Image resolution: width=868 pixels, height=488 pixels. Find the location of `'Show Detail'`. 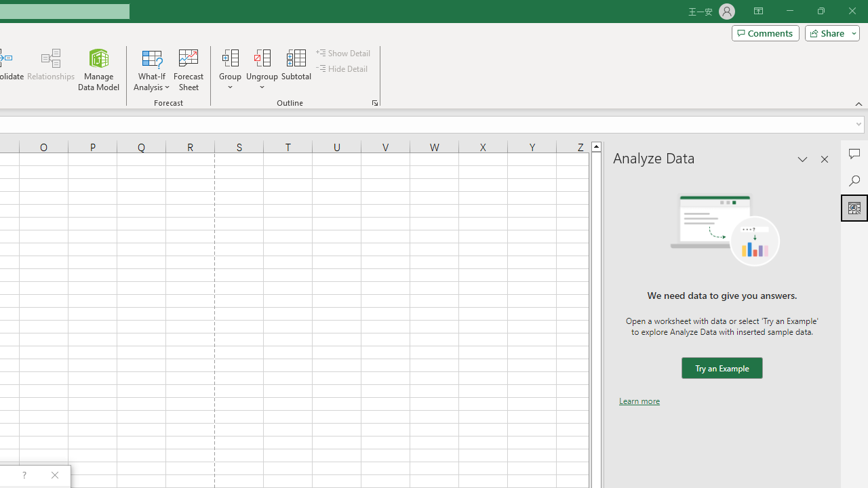

'Show Detail' is located at coordinates (344, 52).